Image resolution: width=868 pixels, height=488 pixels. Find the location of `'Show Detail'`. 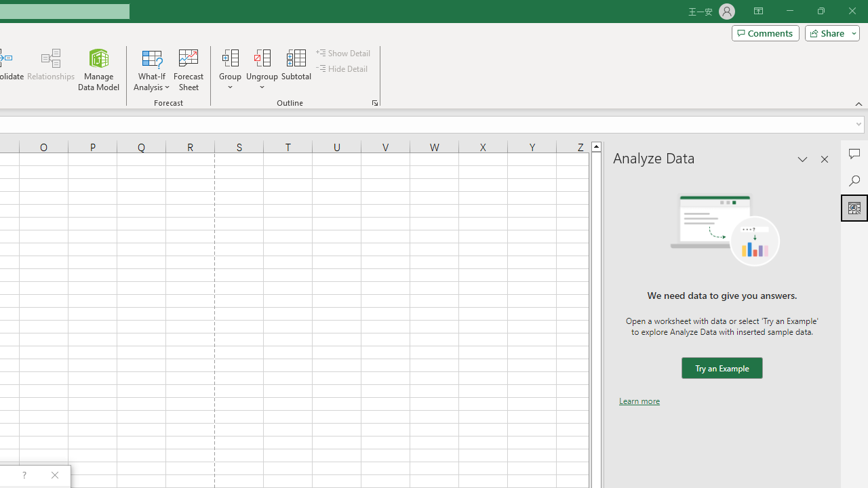

'Show Detail' is located at coordinates (344, 52).